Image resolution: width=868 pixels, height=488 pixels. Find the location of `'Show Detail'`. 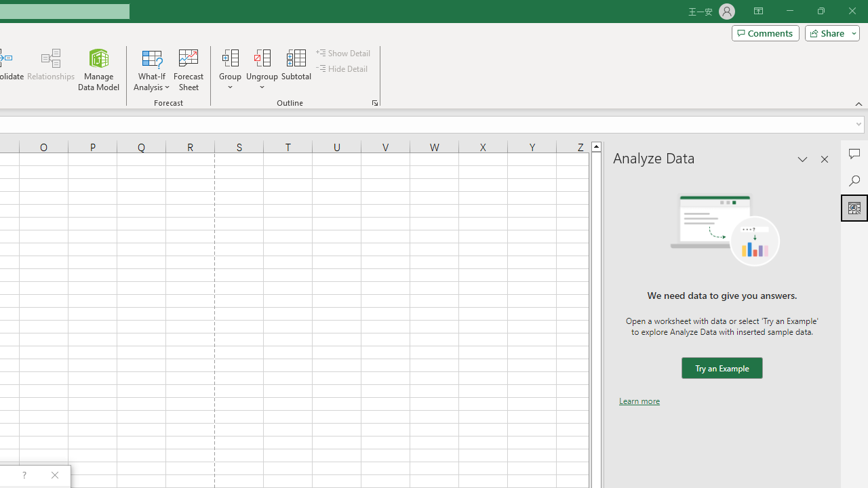

'Show Detail' is located at coordinates (344, 52).